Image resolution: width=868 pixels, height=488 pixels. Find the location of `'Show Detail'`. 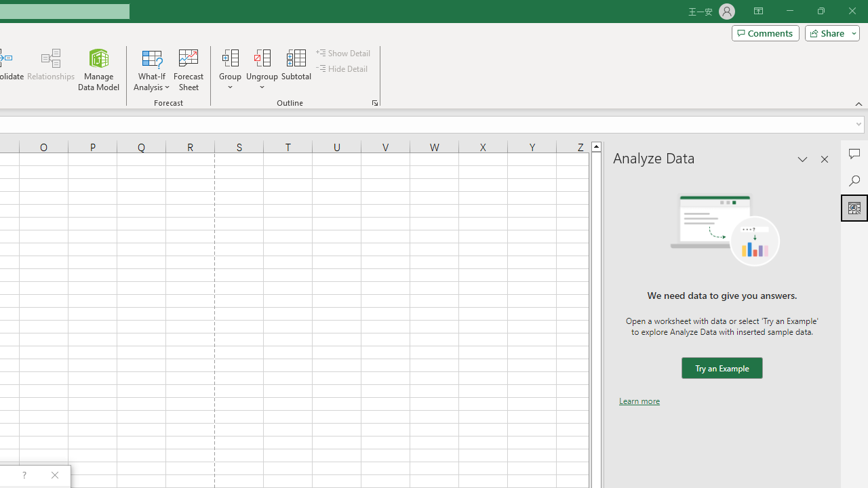

'Show Detail' is located at coordinates (344, 52).